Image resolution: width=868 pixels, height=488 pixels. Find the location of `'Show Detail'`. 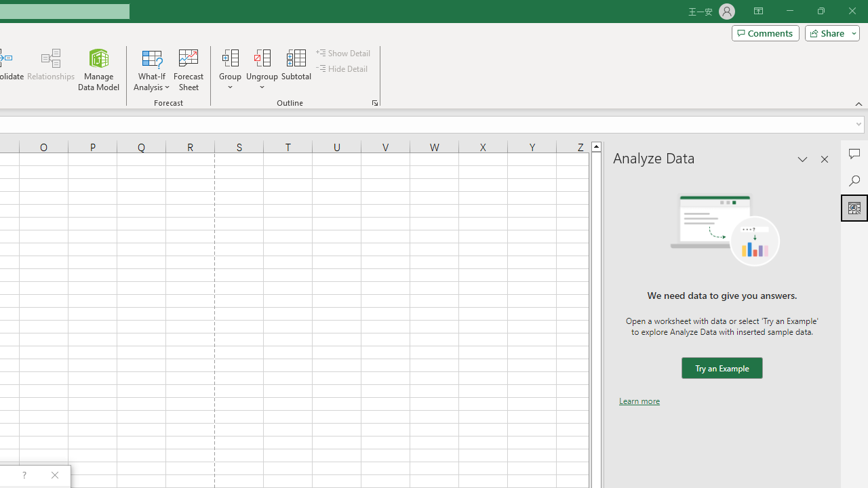

'Show Detail' is located at coordinates (344, 52).